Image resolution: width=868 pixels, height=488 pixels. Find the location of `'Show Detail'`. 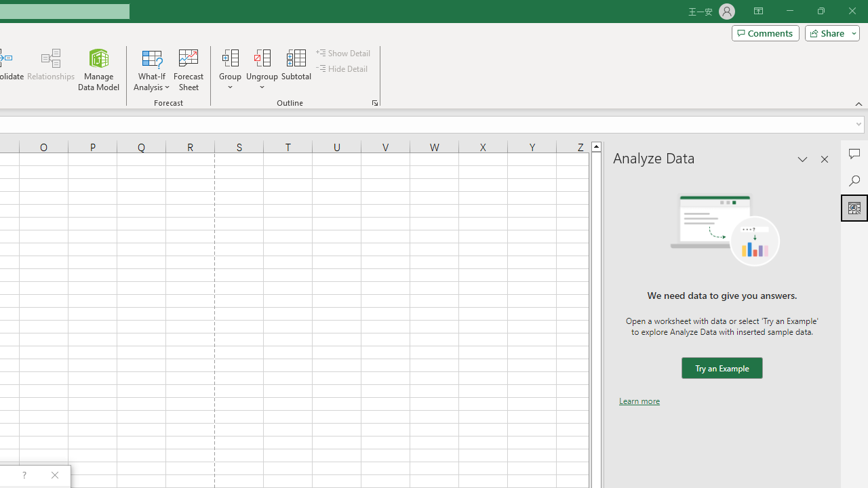

'Show Detail' is located at coordinates (344, 52).